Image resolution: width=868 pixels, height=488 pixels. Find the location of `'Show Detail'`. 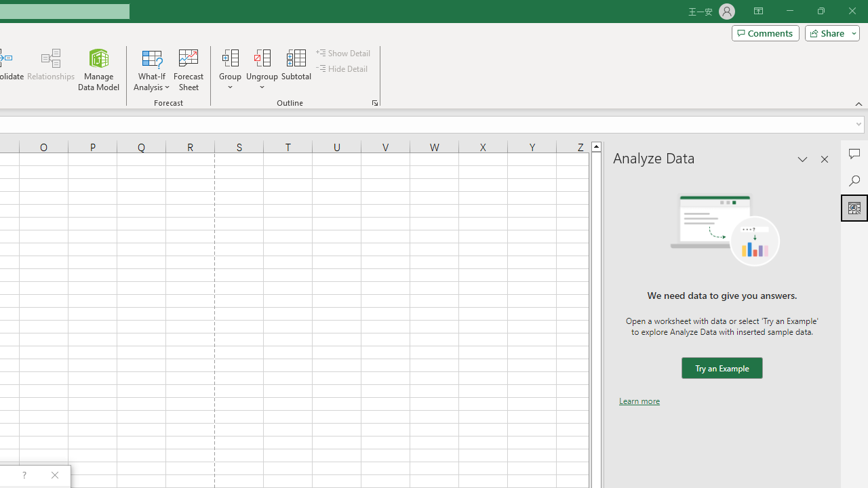

'Show Detail' is located at coordinates (344, 52).